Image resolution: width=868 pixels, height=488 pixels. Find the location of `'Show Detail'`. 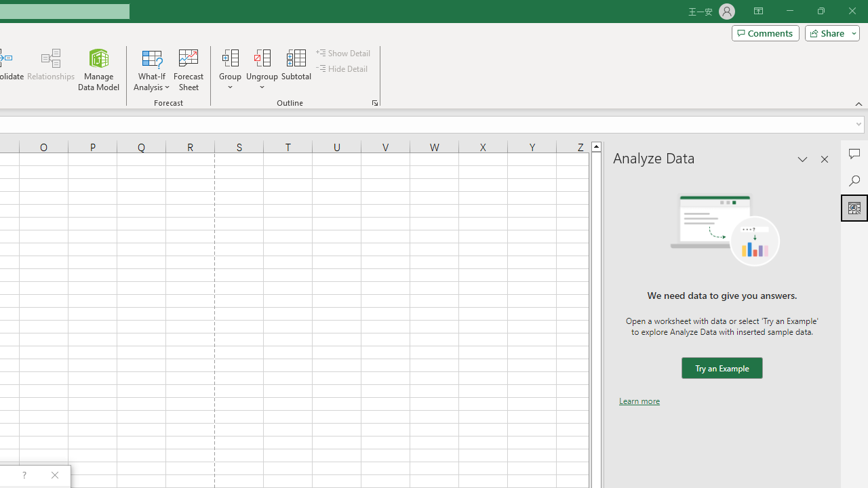

'Show Detail' is located at coordinates (344, 52).